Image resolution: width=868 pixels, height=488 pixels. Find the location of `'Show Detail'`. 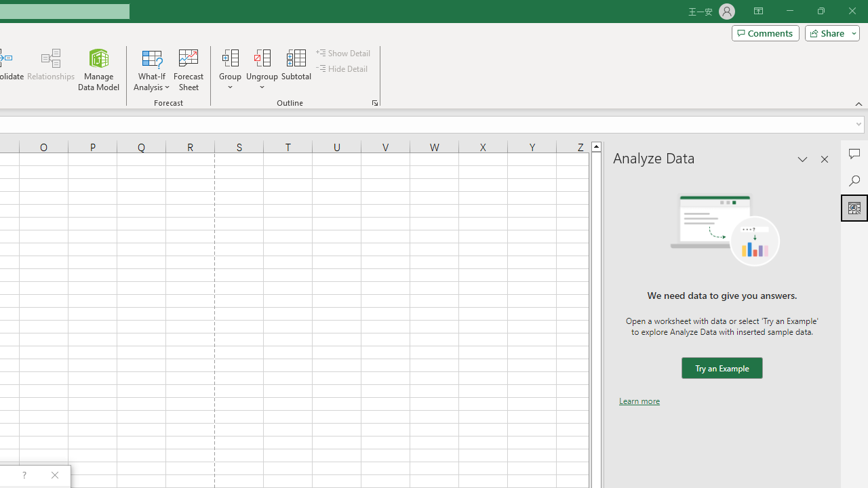

'Show Detail' is located at coordinates (344, 52).